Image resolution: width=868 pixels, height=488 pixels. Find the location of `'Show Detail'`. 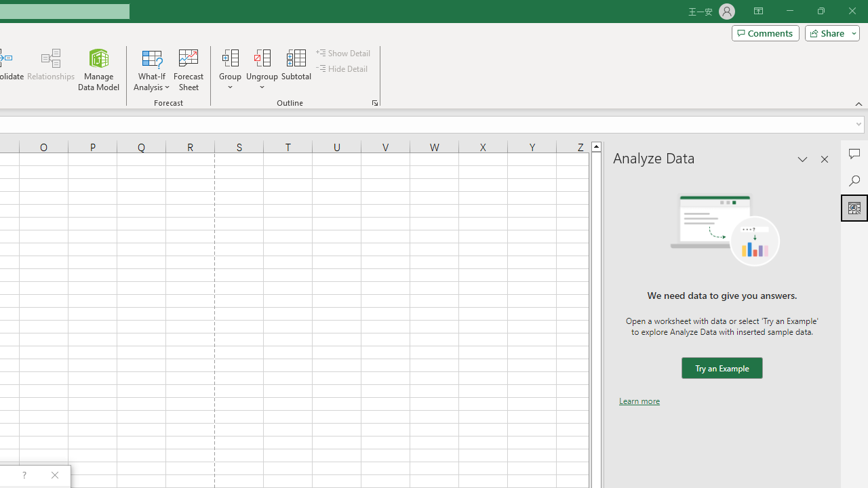

'Show Detail' is located at coordinates (344, 52).